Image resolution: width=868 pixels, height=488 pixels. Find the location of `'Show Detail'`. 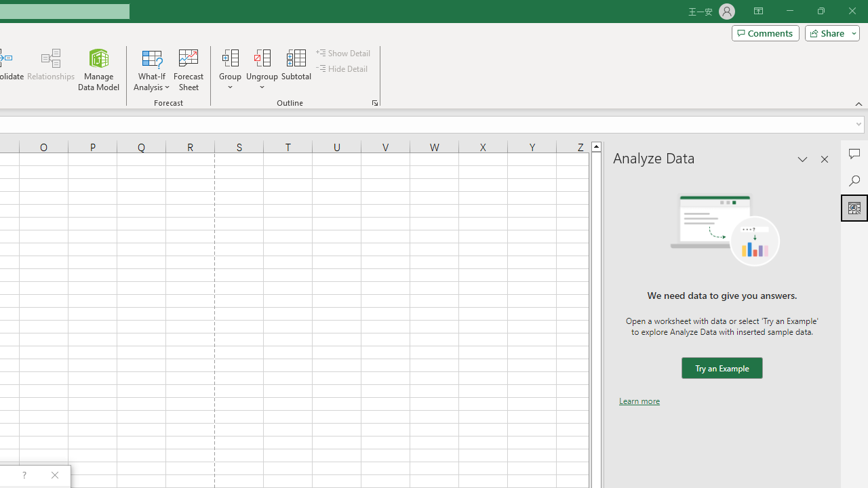

'Show Detail' is located at coordinates (344, 52).